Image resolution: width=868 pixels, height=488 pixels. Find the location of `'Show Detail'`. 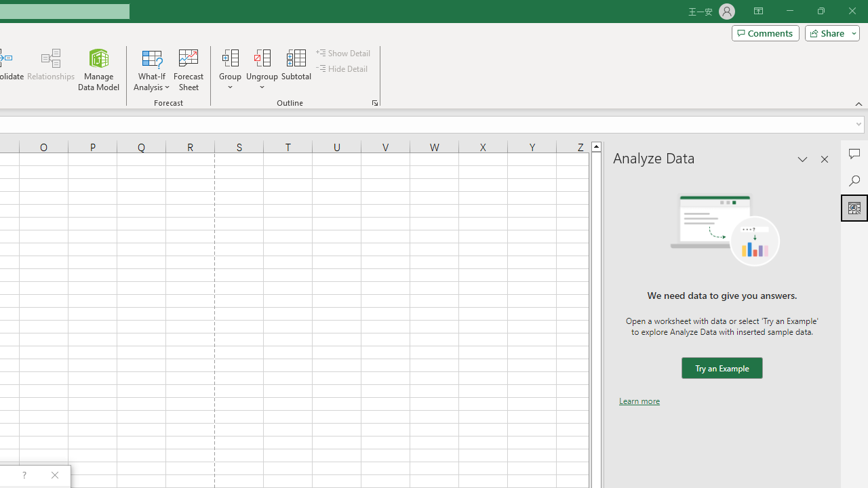

'Show Detail' is located at coordinates (344, 52).